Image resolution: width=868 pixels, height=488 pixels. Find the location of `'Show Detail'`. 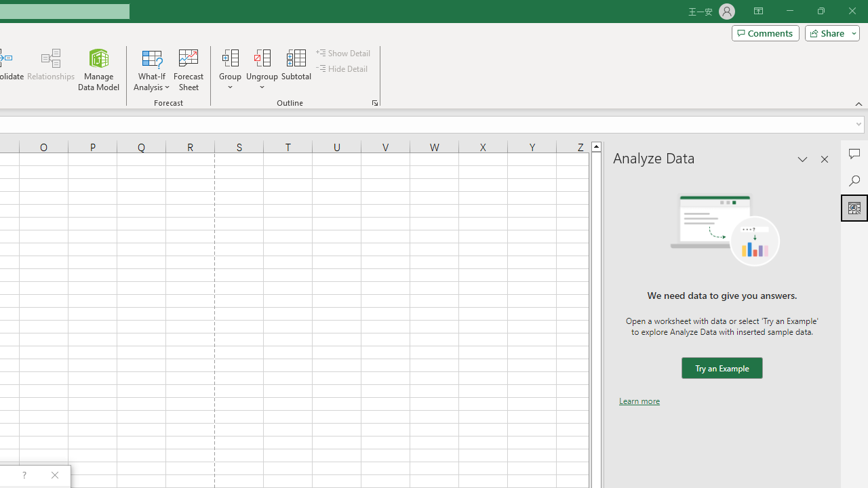

'Show Detail' is located at coordinates (344, 52).